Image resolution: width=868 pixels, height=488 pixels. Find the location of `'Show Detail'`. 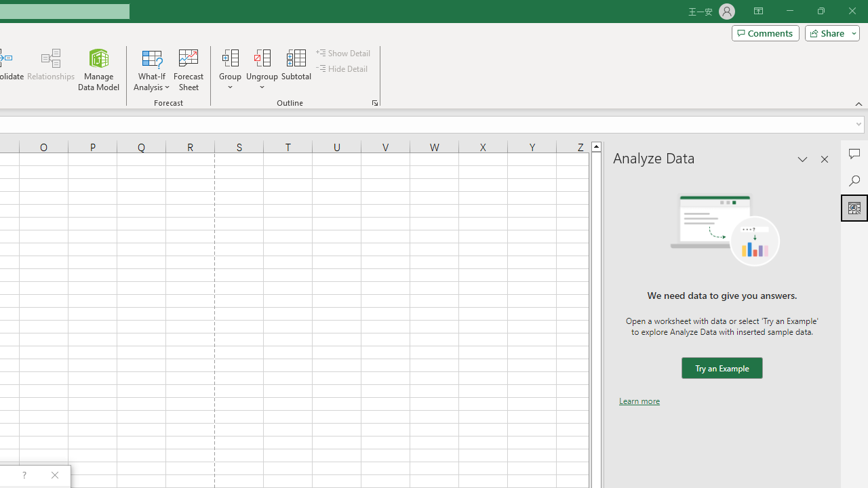

'Show Detail' is located at coordinates (344, 52).